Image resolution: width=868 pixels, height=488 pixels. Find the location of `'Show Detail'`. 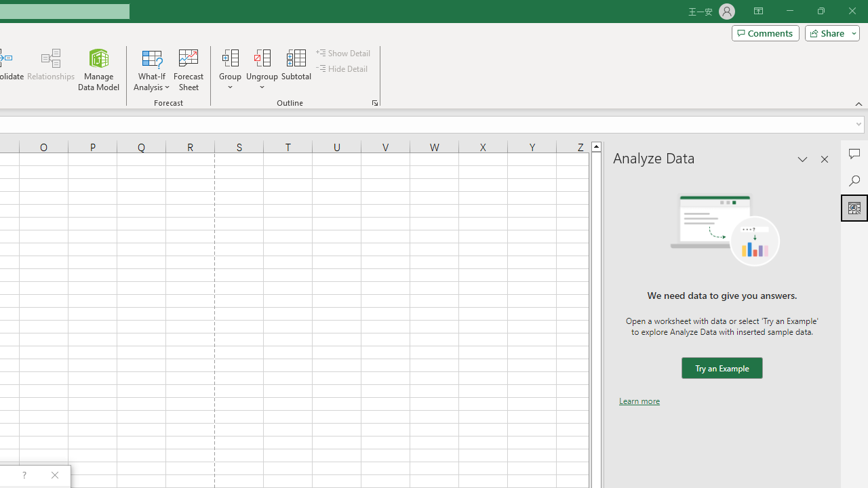

'Show Detail' is located at coordinates (344, 52).